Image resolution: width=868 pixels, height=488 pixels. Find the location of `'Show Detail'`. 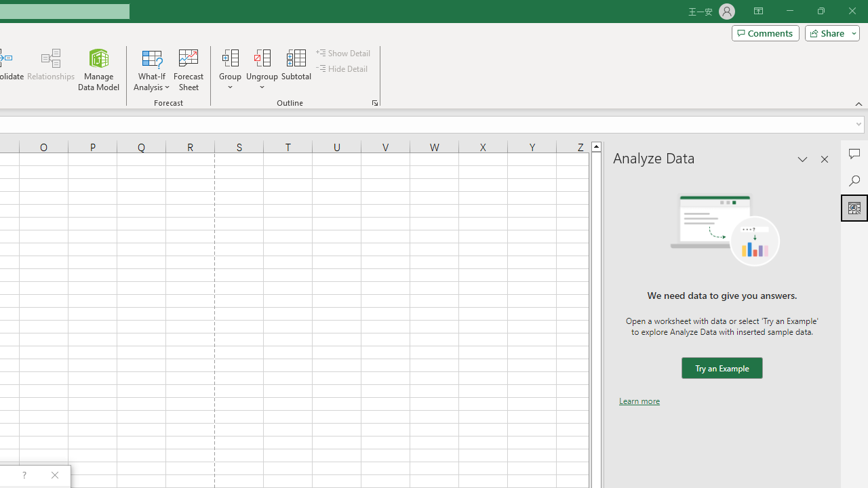

'Show Detail' is located at coordinates (344, 52).